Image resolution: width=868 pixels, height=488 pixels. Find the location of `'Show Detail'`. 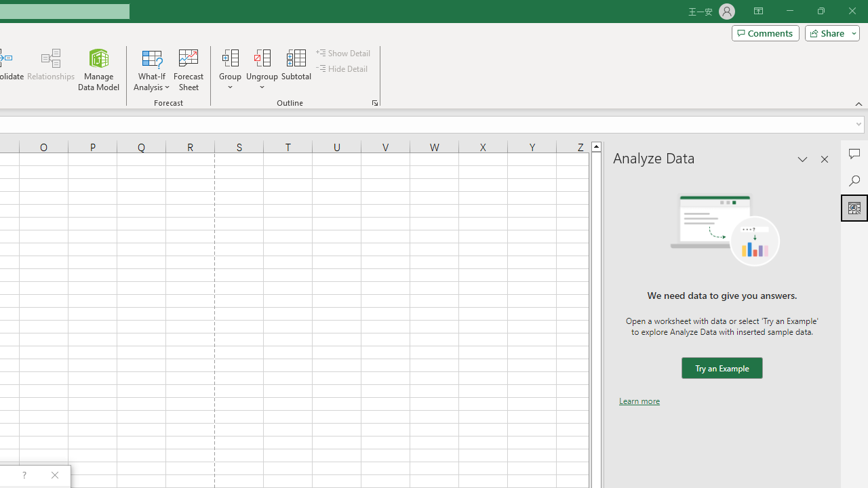

'Show Detail' is located at coordinates (344, 52).